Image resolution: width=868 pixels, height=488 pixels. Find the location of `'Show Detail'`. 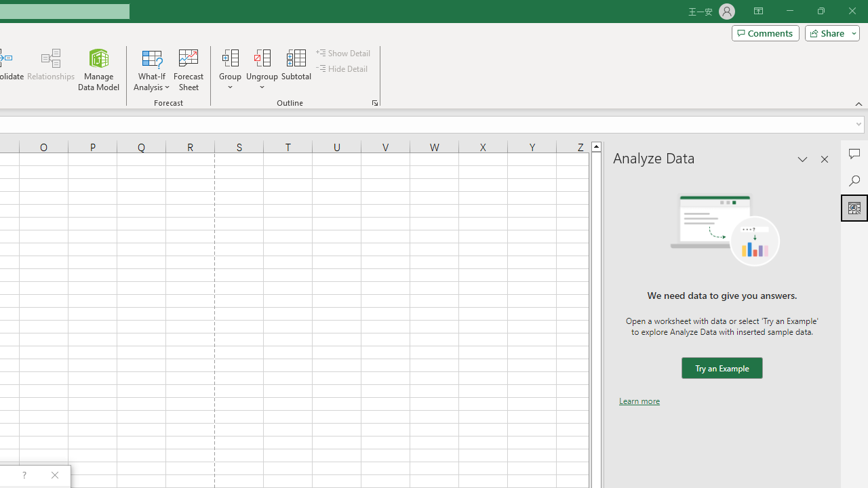

'Show Detail' is located at coordinates (344, 52).